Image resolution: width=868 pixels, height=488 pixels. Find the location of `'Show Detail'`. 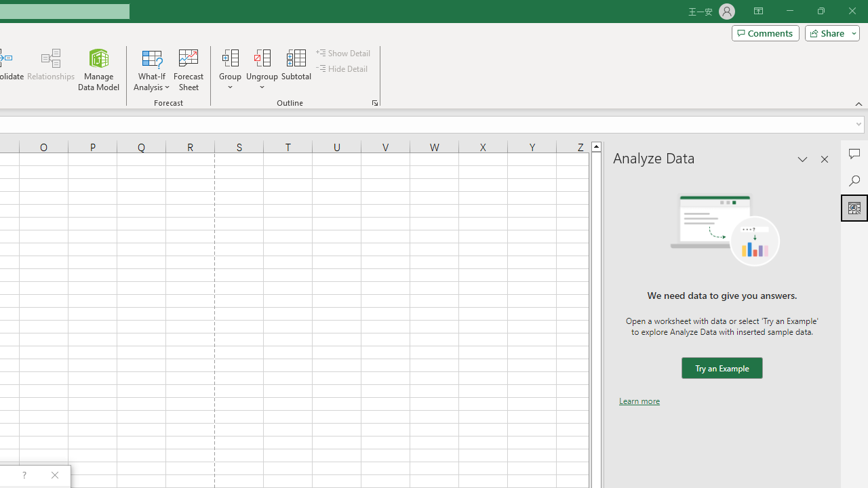

'Show Detail' is located at coordinates (344, 52).